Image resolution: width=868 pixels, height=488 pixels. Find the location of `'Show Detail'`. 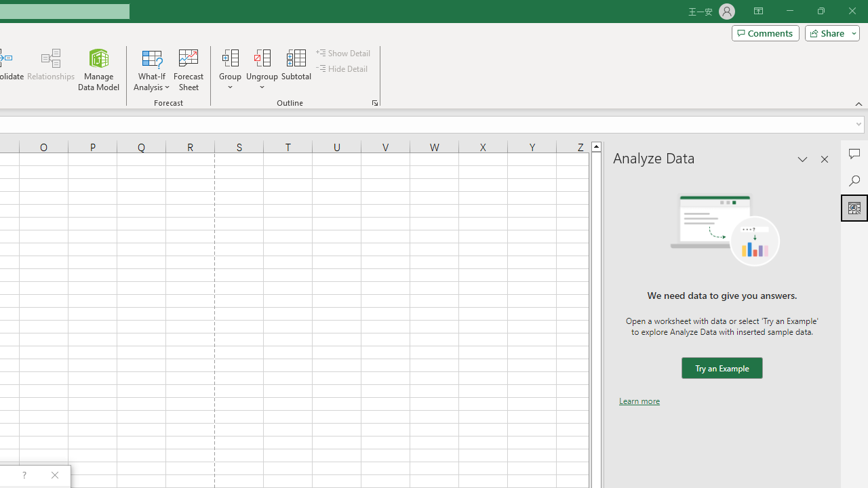

'Show Detail' is located at coordinates (344, 52).